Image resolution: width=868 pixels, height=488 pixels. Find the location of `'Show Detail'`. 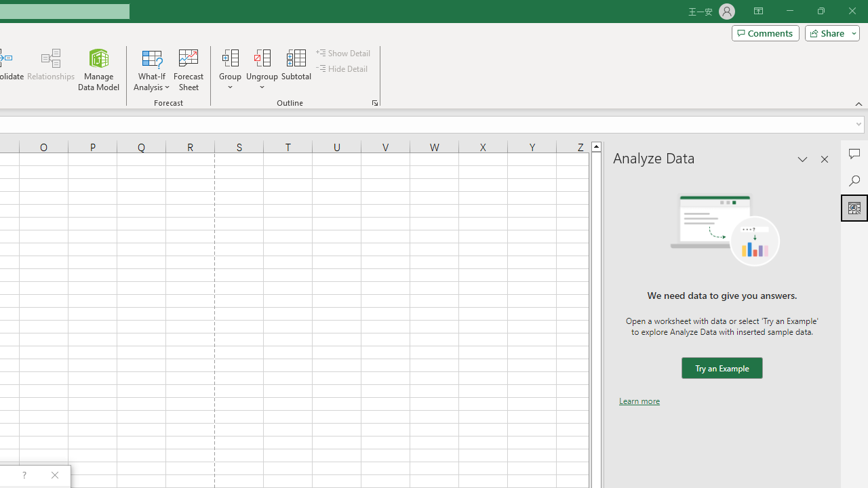

'Show Detail' is located at coordinates (344, 52).